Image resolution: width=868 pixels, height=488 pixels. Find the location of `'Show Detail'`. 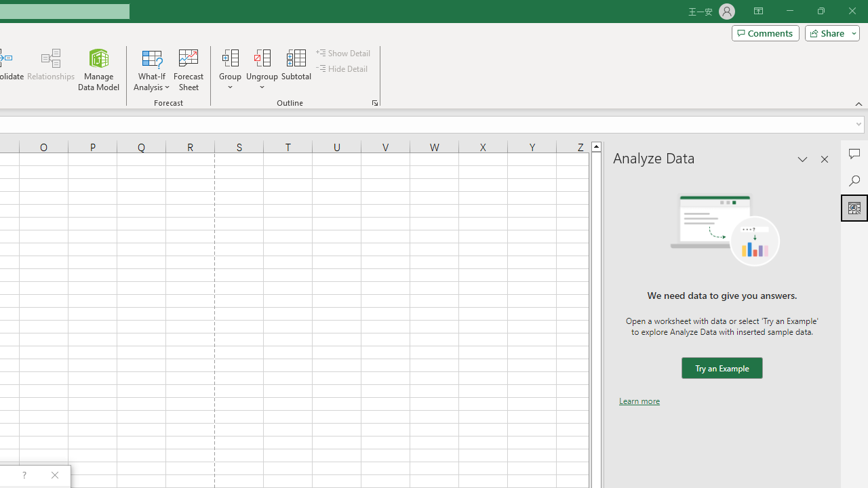

'Show Detail' is located at coordinates (344, 52).